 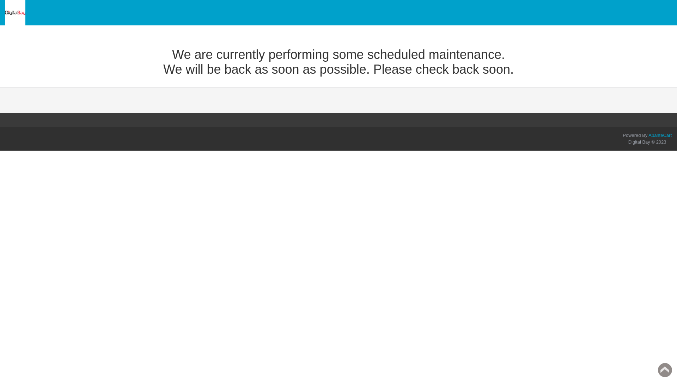 What do you see at coordinates (660, 135) in the screenshot?
I see `'AbanteCart'` at bounding box center [660, 135].